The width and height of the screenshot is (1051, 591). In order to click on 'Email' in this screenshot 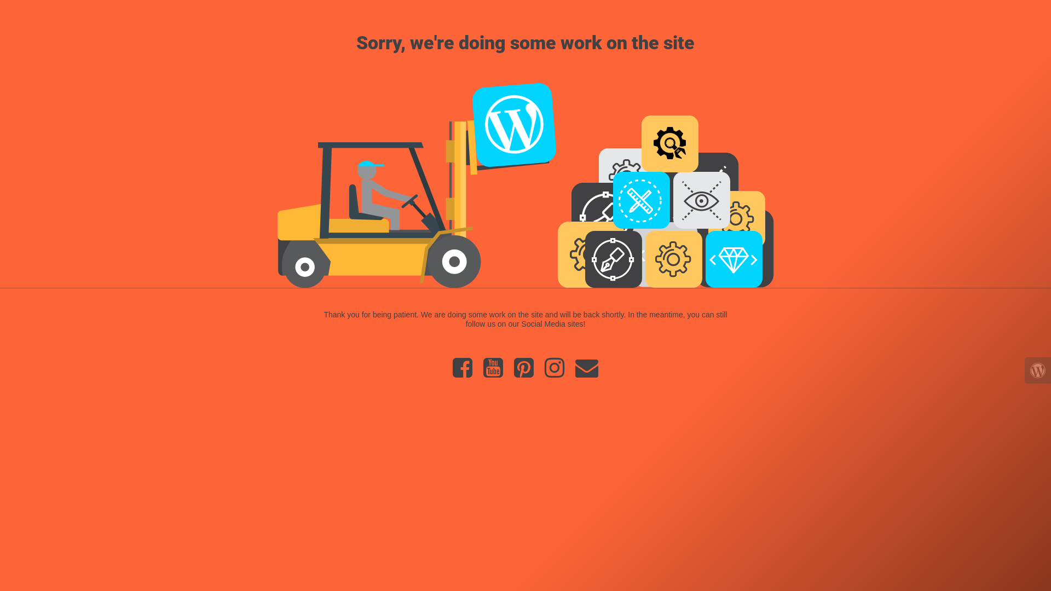, I will do `click(586, 373)`.